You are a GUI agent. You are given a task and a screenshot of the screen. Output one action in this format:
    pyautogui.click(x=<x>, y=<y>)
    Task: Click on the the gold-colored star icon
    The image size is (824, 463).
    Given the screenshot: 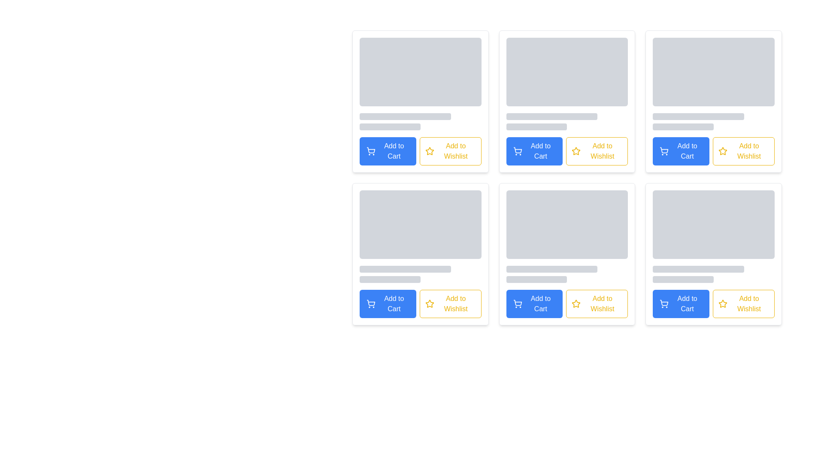 What is the action you would take?
    pyautogui.click(x=576, y=150)
    